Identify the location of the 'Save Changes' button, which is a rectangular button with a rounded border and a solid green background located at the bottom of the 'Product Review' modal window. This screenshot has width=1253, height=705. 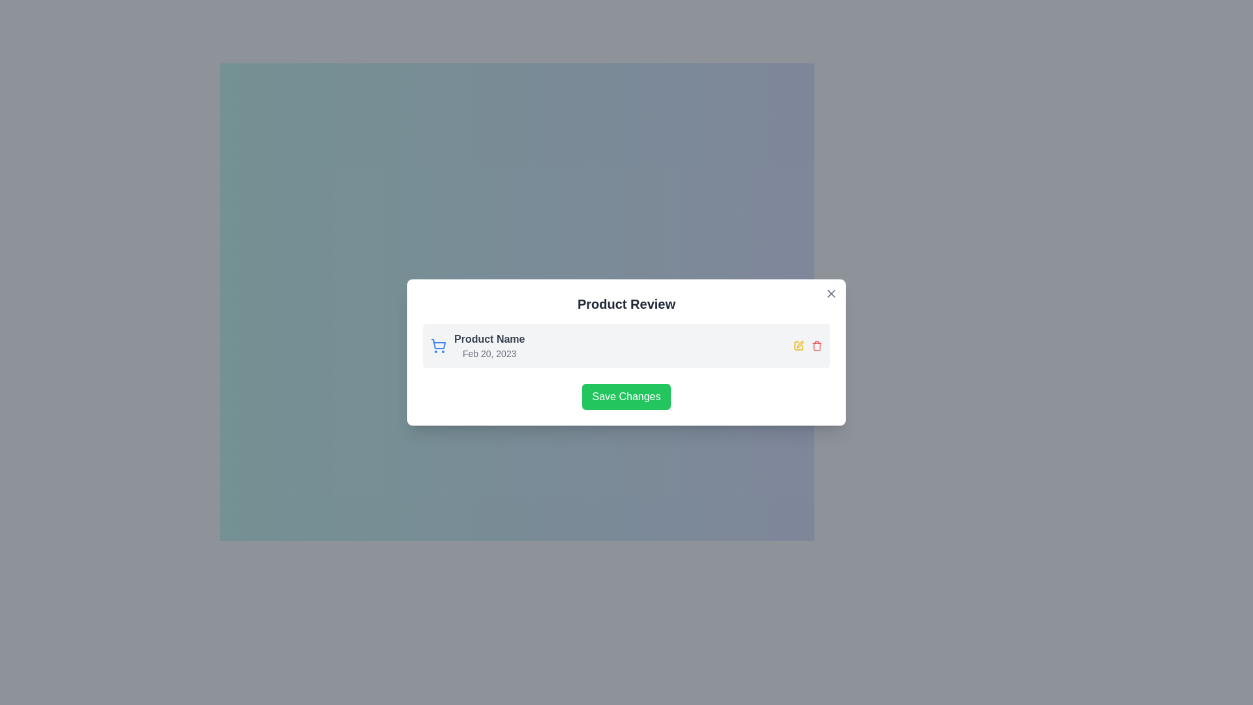
(626, 396).